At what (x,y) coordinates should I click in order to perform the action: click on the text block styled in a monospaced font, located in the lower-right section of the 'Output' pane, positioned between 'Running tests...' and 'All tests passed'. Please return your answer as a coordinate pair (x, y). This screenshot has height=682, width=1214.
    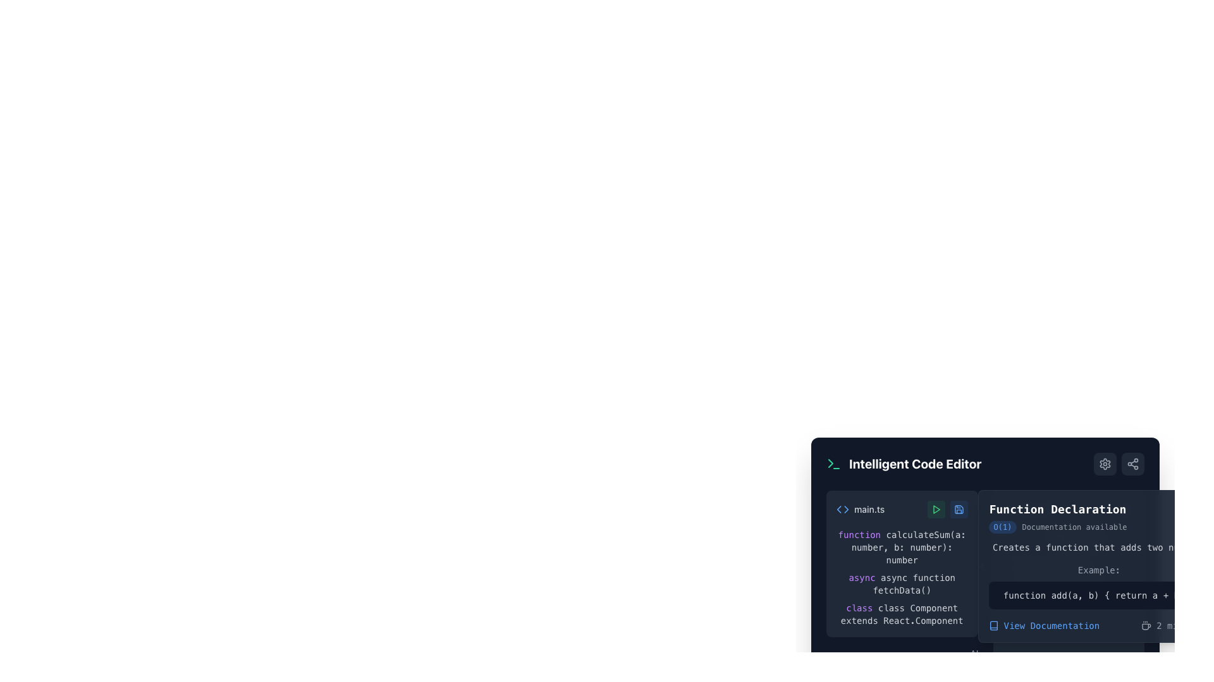
    Looking at the image, I should click on (1068, 555).